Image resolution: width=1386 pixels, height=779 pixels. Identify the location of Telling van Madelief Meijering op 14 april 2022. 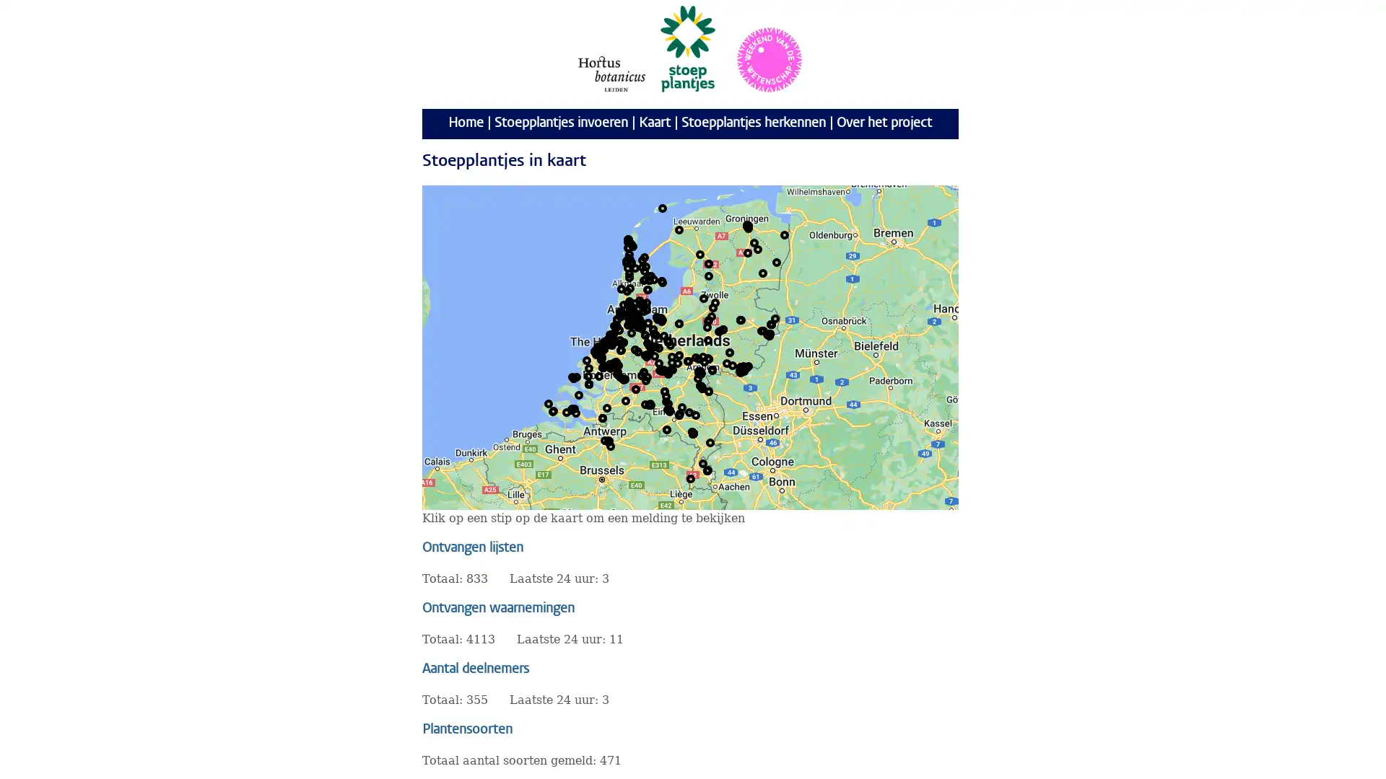
(637, 317).